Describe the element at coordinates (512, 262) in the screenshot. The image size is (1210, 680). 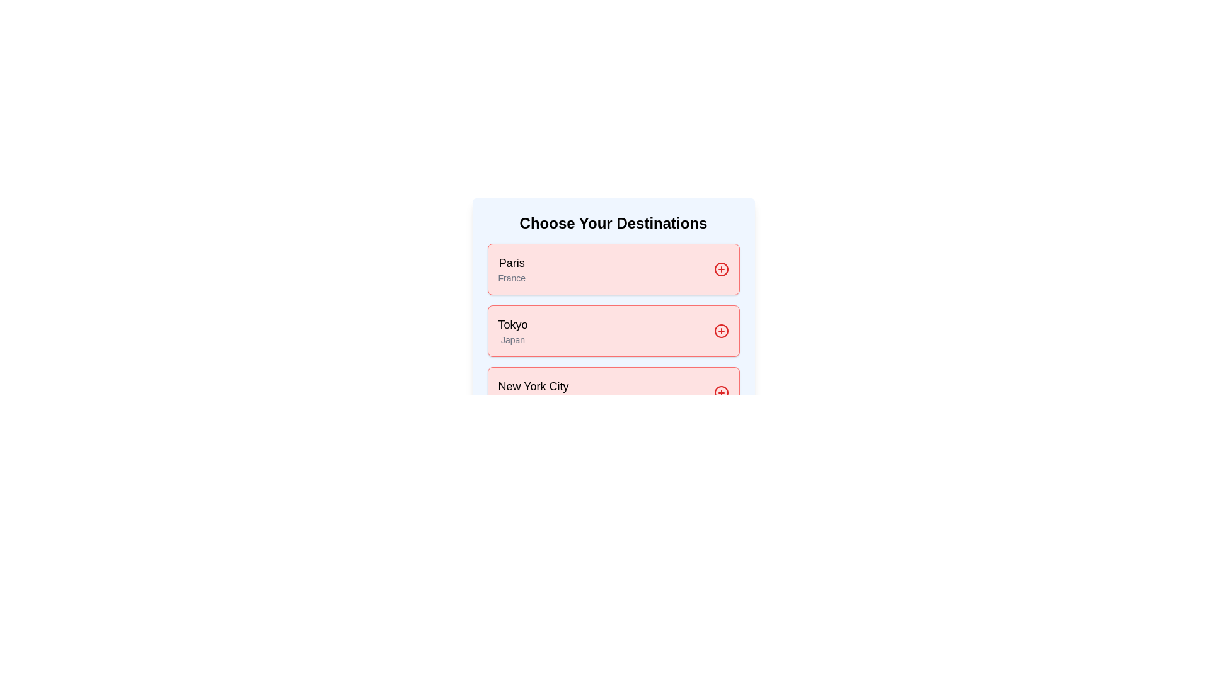
I see `the text label representing the destination 'Paris' located at the top left corner of the first block in the vertical list of destination cards` at that location.